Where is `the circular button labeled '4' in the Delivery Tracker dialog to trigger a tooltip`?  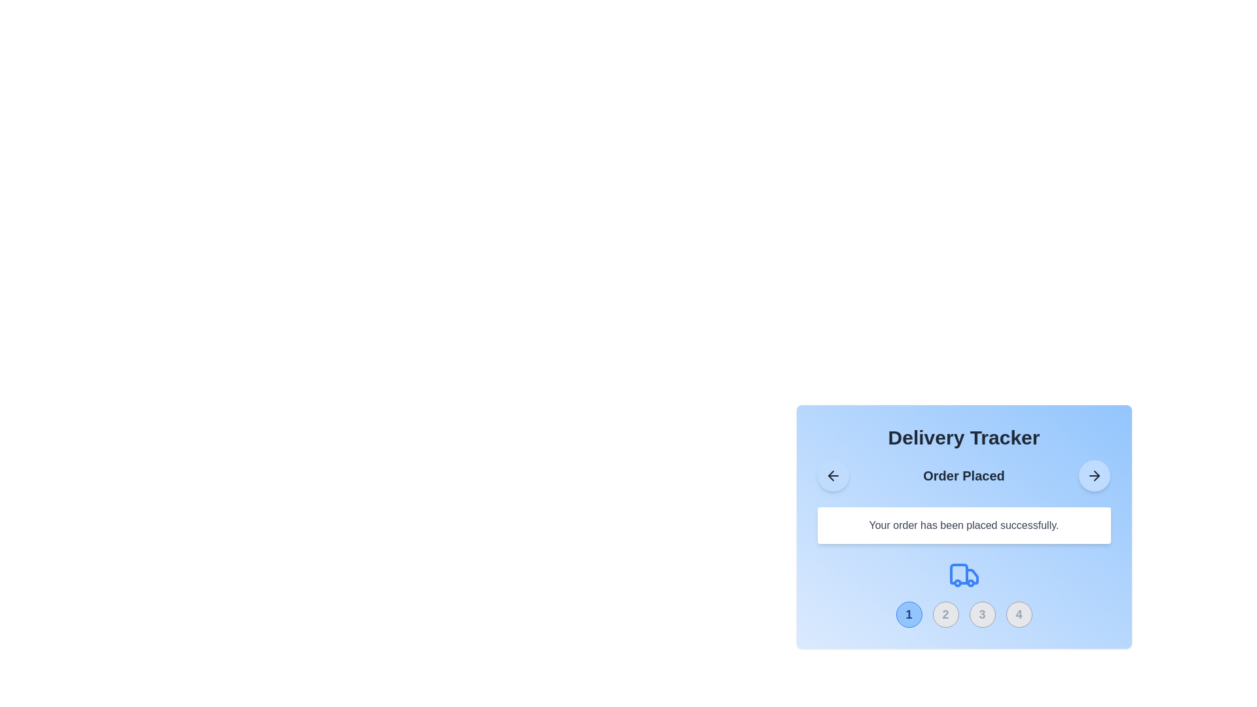
the circular button labeled '4' in the Delivery Tracker dialog to trigger a tooltip is located at coordinates (1018, 614).